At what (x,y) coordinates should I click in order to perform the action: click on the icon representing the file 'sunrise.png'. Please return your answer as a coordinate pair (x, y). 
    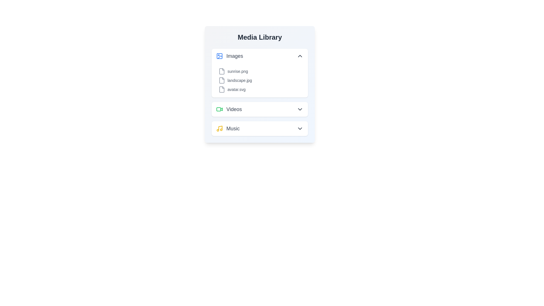
    Looking at the image, I should click on (221, 71).